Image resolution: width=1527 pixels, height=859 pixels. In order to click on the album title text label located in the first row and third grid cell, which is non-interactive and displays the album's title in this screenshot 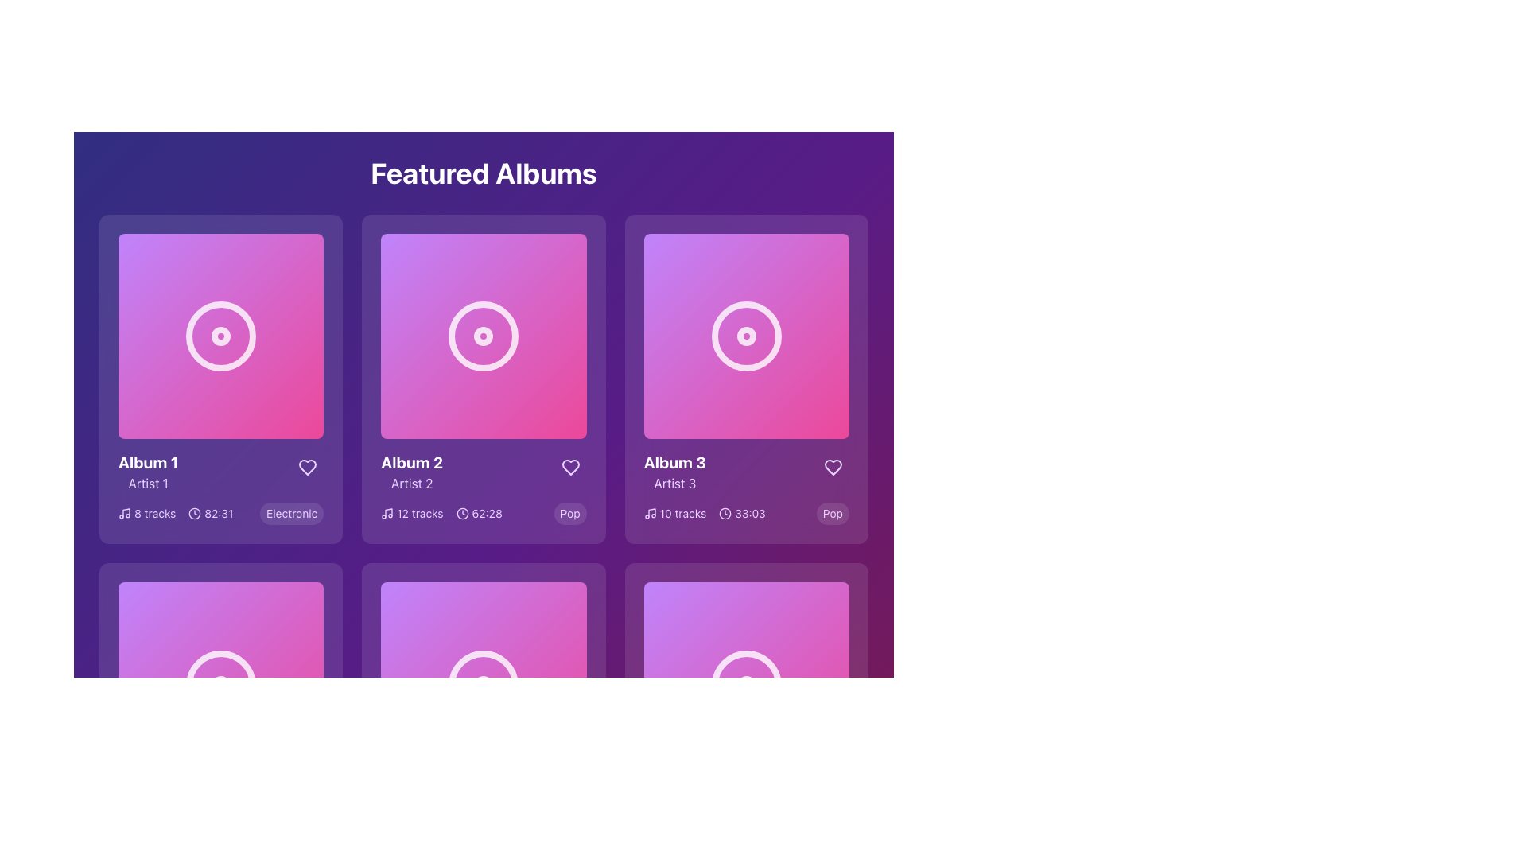, I will do `click(674, 463)`.